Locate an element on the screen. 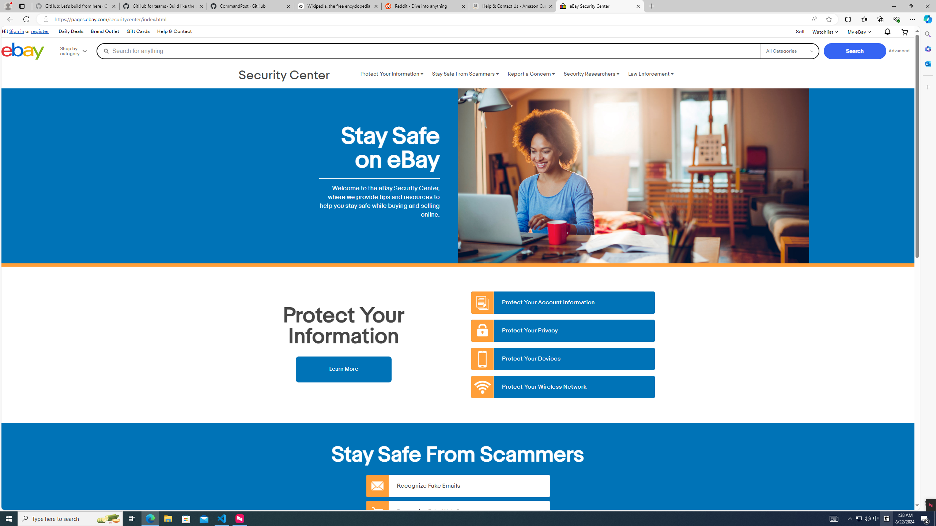 The height and width of the screenshot is (526, 936). 'Sell' is located at coordinates (800, 32).